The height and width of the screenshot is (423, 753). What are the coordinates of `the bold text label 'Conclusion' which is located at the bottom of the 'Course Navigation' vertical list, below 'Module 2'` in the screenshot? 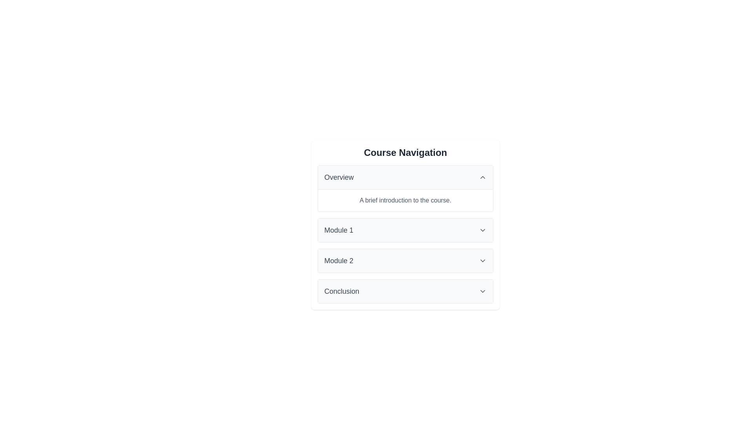 It's located at (342, 291).